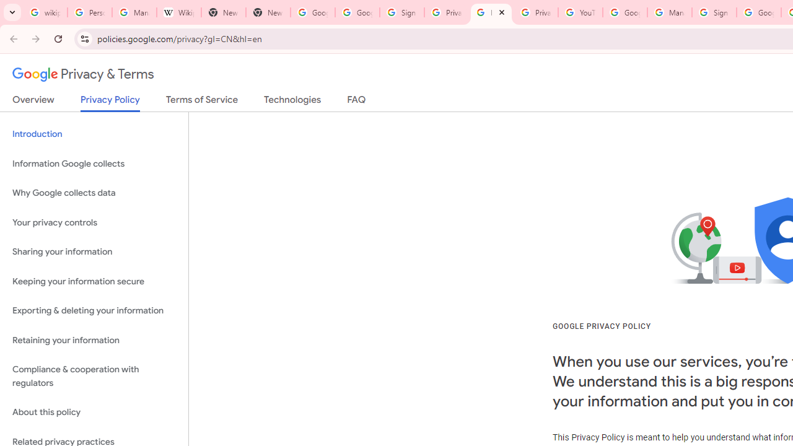  What do you see at coordinates (94, 281) in the screenshot?
I see `'Keeping your information secure'` at bounding box center [94, 281].